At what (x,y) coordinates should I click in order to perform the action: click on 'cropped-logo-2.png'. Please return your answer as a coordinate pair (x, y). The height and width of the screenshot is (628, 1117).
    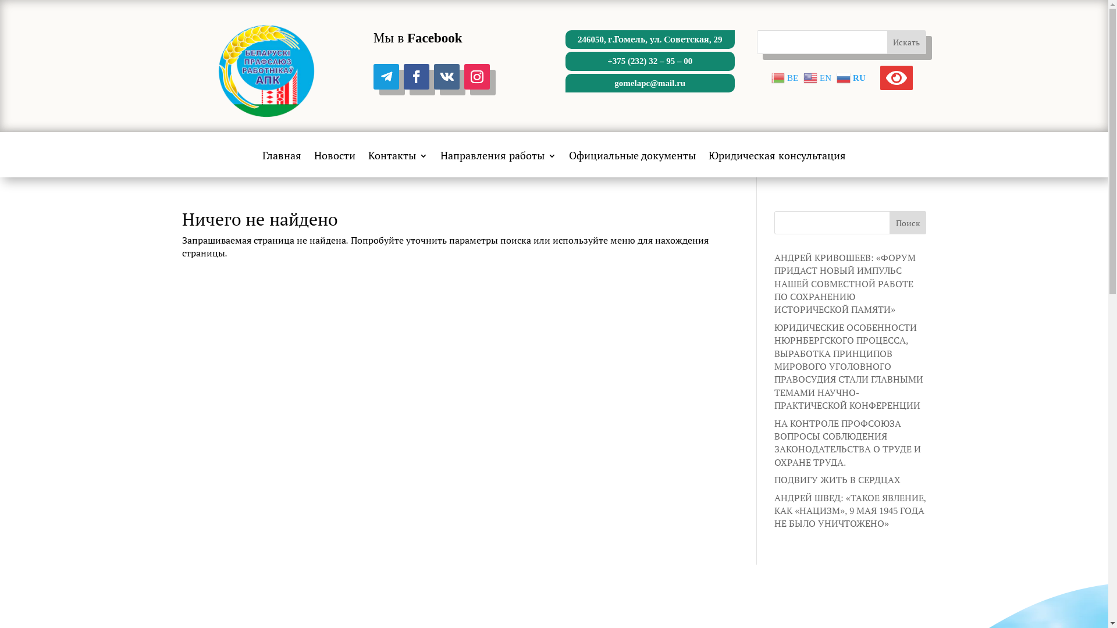
    Looking at the image, I should click on (266, 69).